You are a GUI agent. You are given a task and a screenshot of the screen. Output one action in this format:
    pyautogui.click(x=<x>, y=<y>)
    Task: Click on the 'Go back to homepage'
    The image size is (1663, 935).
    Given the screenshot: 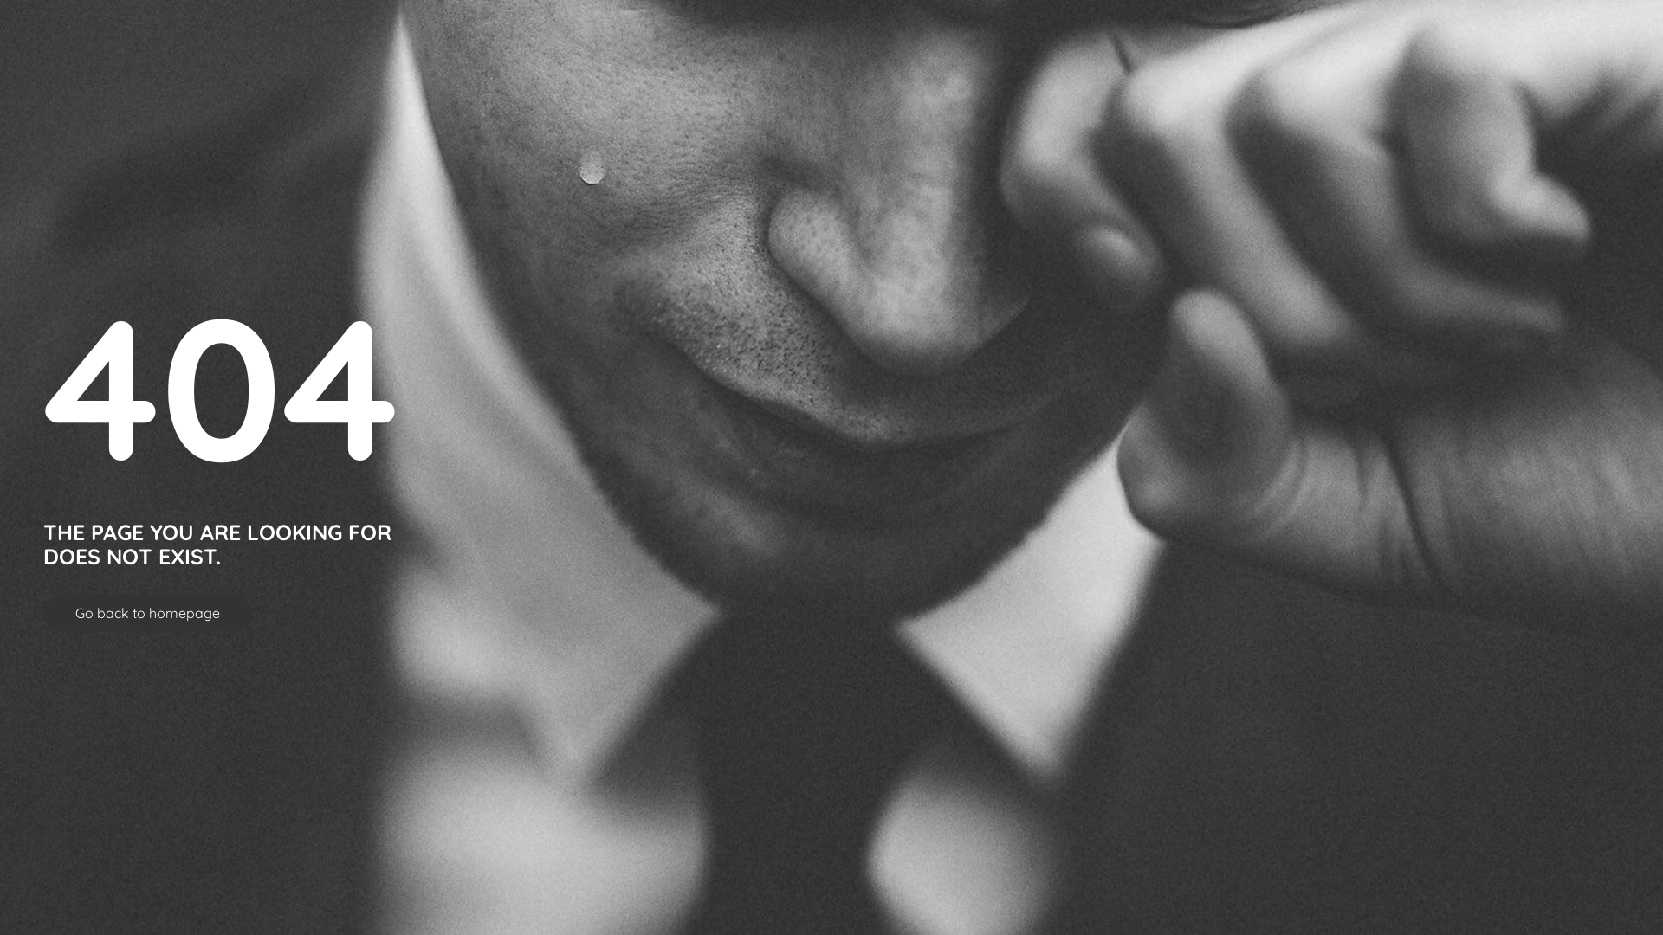 What is the action you would take?
    pyautogui.click(x=147, y=612)
    